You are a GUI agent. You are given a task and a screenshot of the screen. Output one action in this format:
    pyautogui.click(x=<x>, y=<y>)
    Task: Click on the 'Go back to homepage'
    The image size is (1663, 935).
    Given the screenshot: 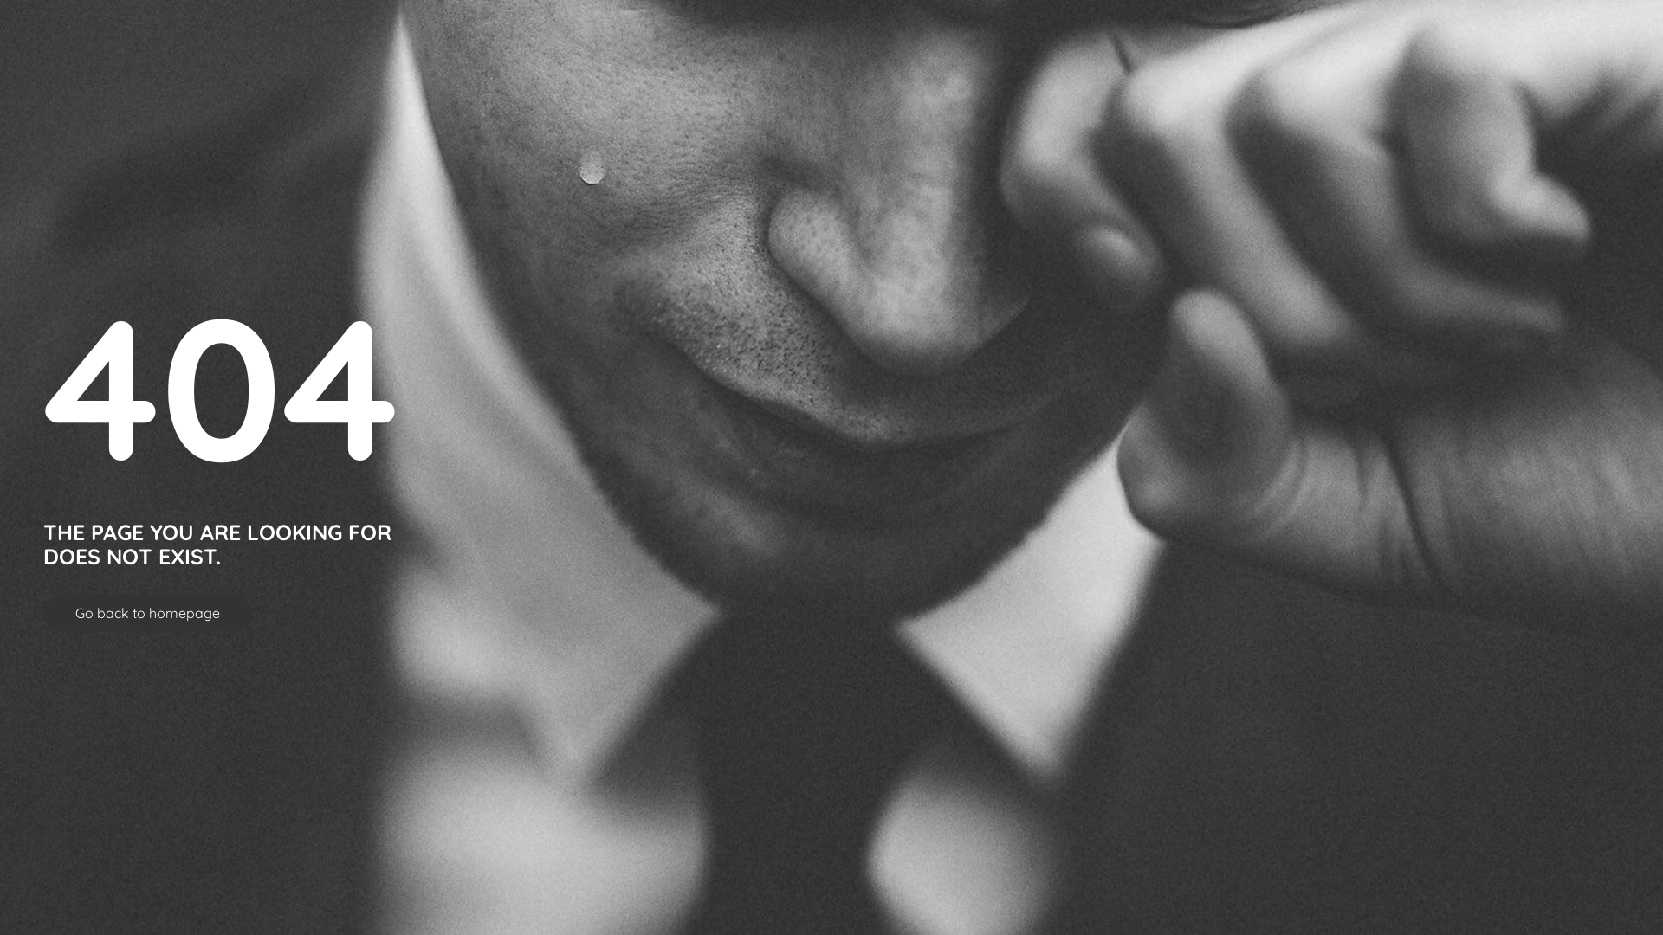 What is the action you would take?
    pyautogui.click(x=147, y=612)
    